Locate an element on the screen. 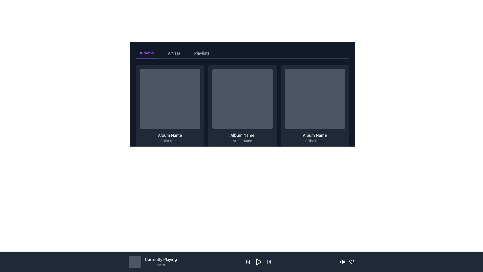 This screenshot has height=272, width=483. the static text label displaying 'Artist Name', which is styled in gray and located below 'Album Name' and above '0:37' within a card structure is located at coordinates (314, 141).